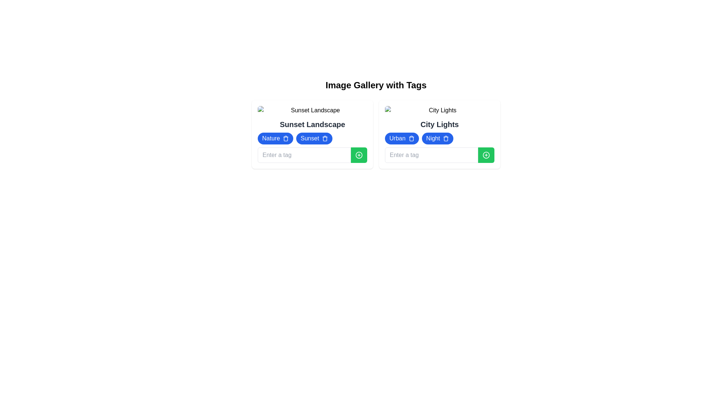 The height and width of the screenshot is (399, 710). I want to click on the trash icon located within the 'Night' tag of the 'City Lights' card, so click(445, 138).